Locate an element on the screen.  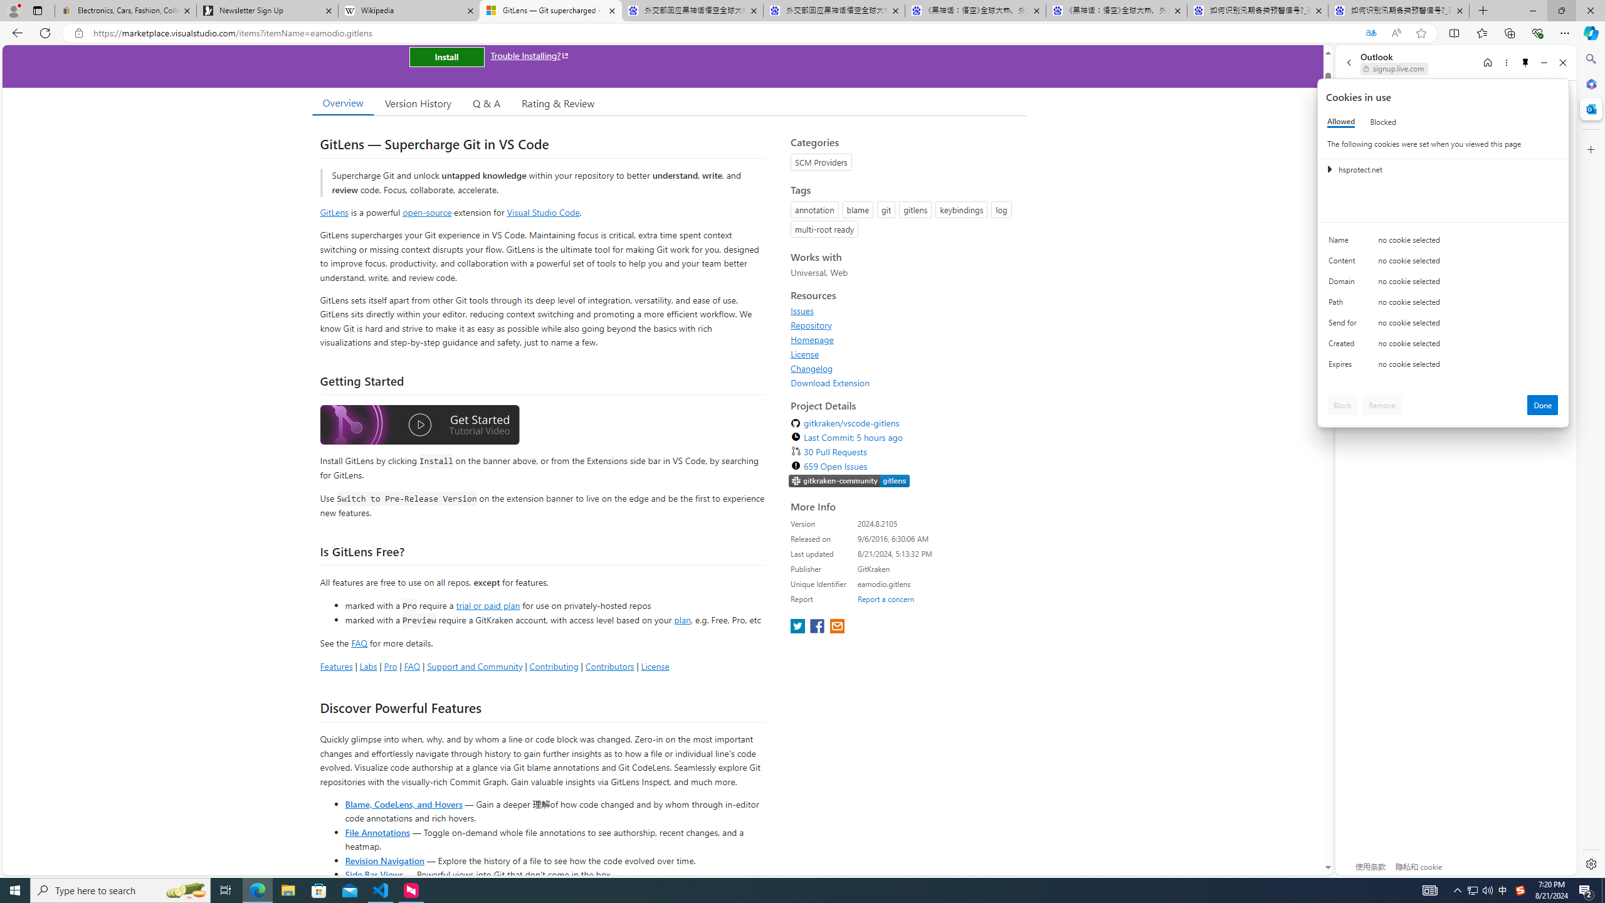
'Remove' is located at coordinates (1382, 405).